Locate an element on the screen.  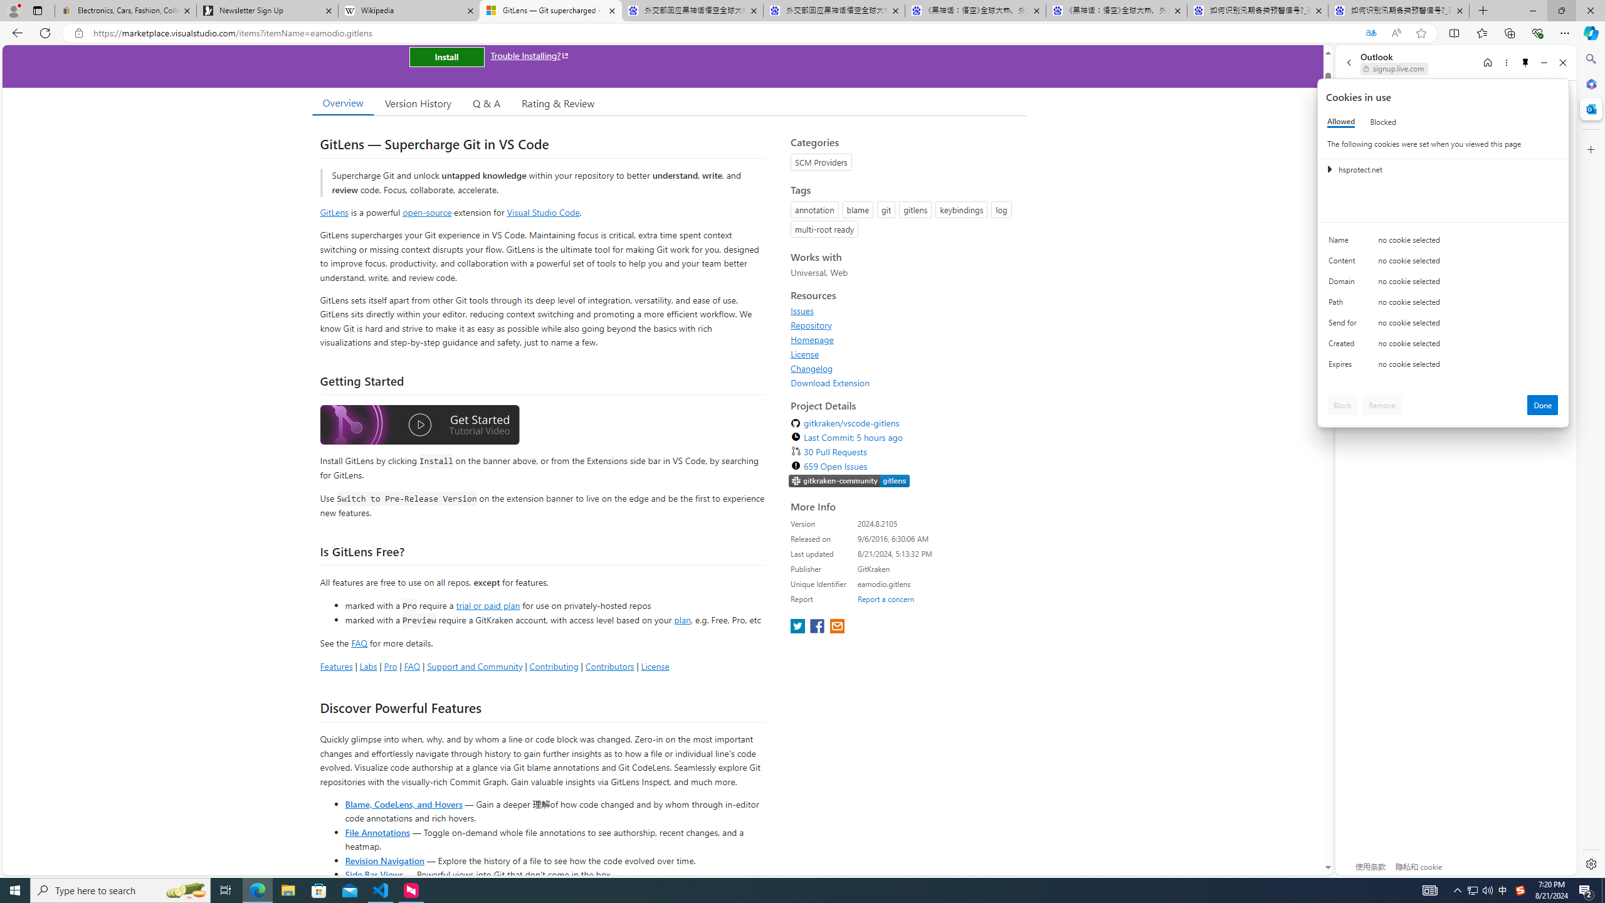
'Remove' is located at coordinates (1382, 405).